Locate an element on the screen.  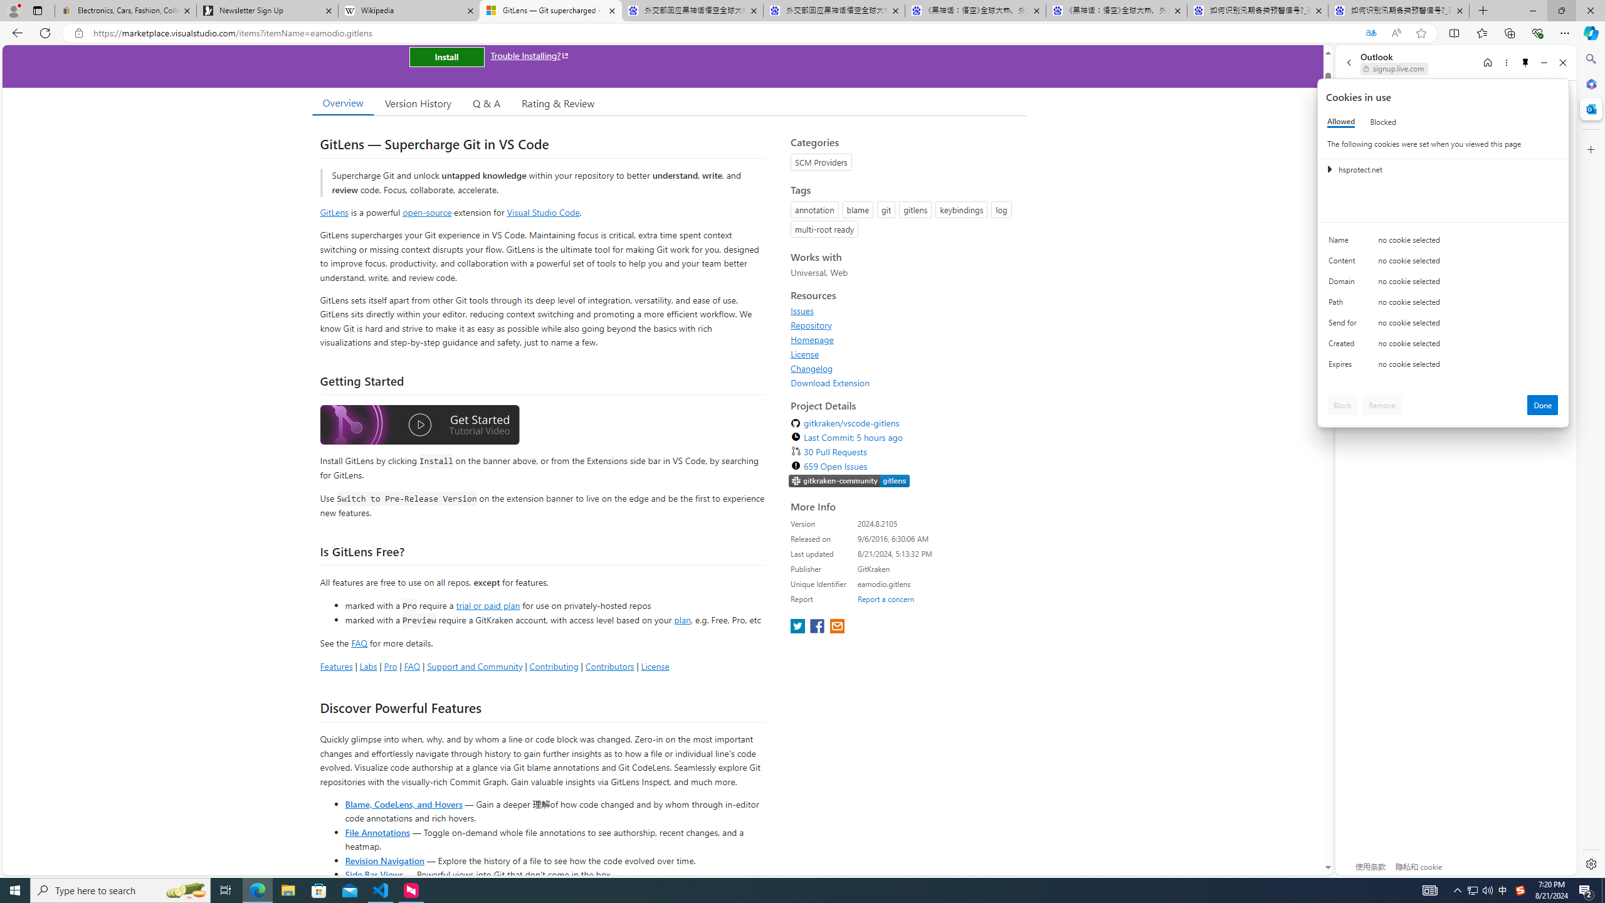
'Remove' is located at coordinates (1382, 405).